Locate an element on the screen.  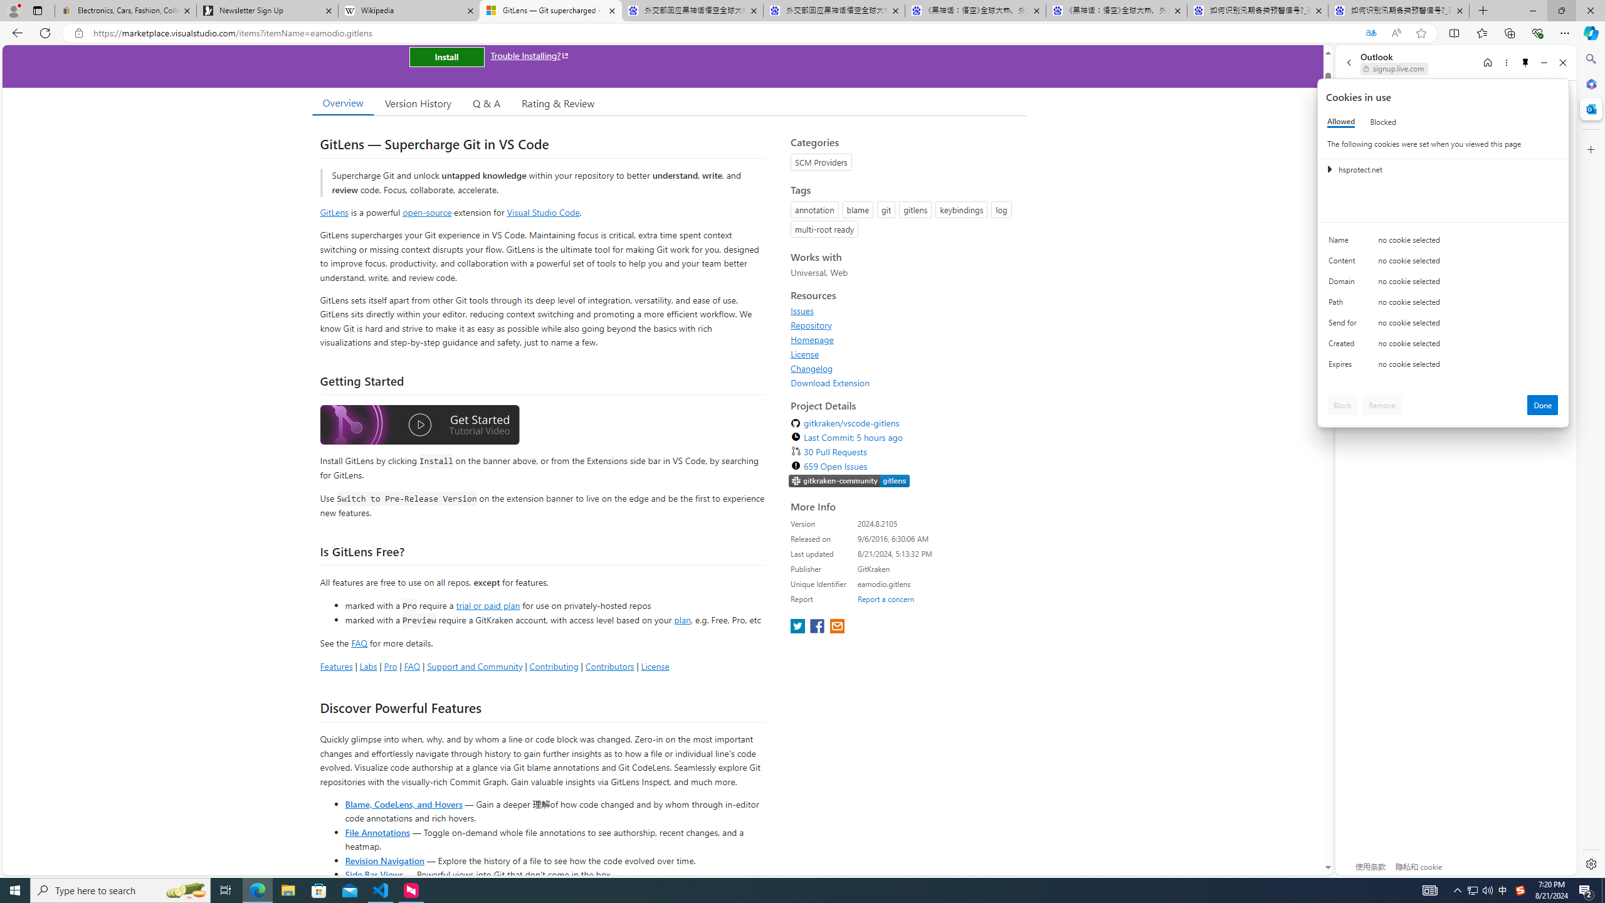
'Remove' is located at coordinates (1382, 405).